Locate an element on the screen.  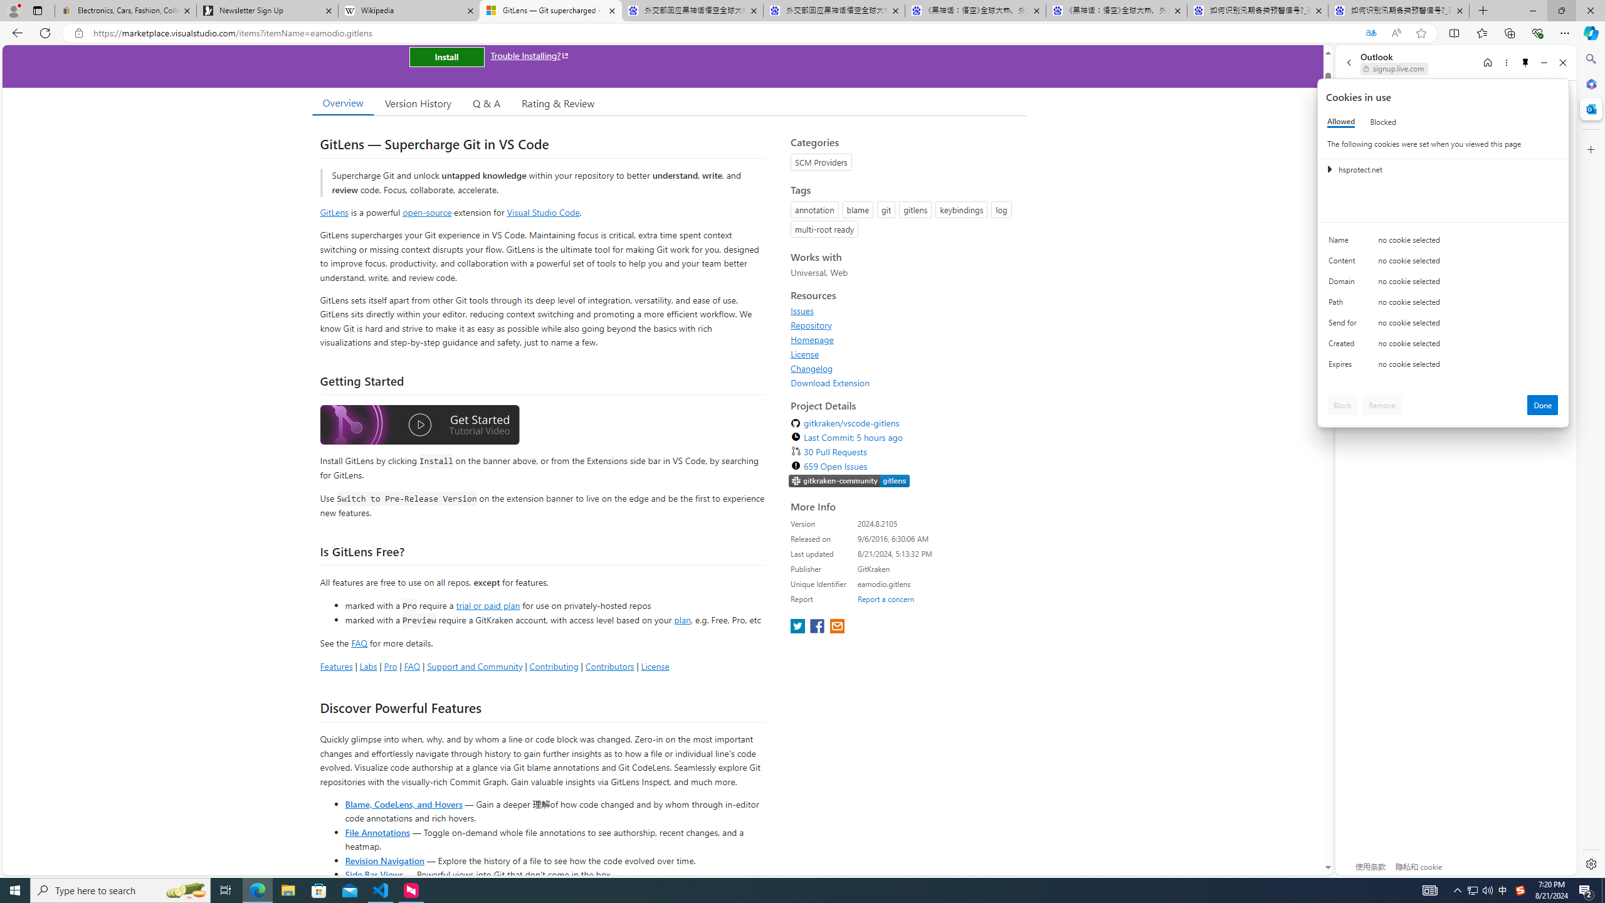
'Remove' is located at coordinates (1382, 405).